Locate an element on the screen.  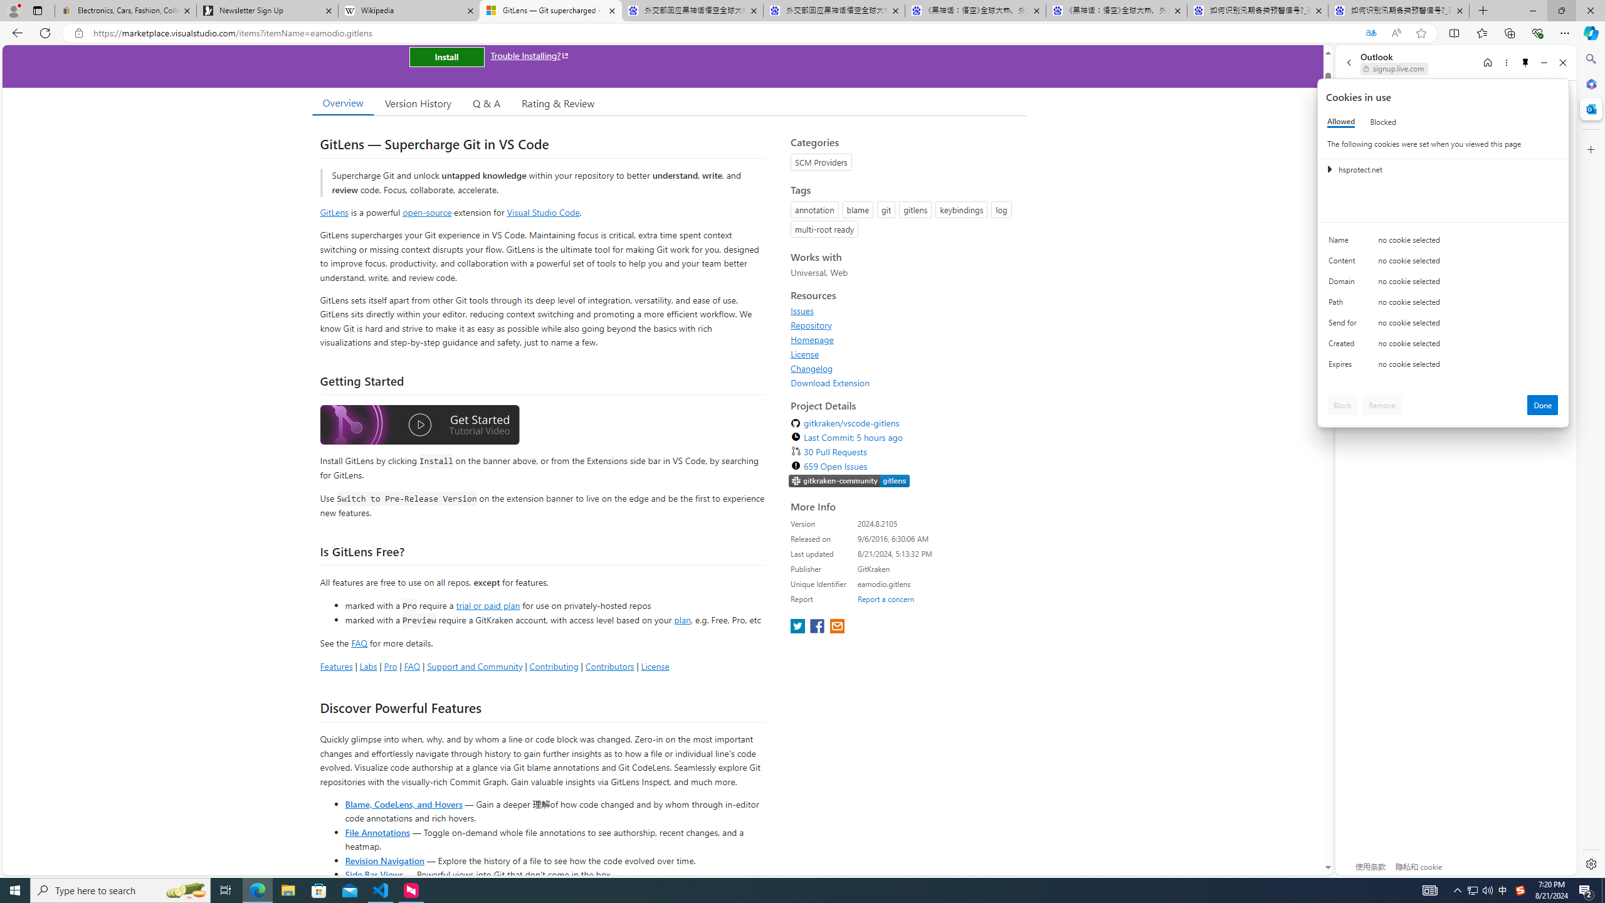
'Remove' is located at coordinates (1382, 405).